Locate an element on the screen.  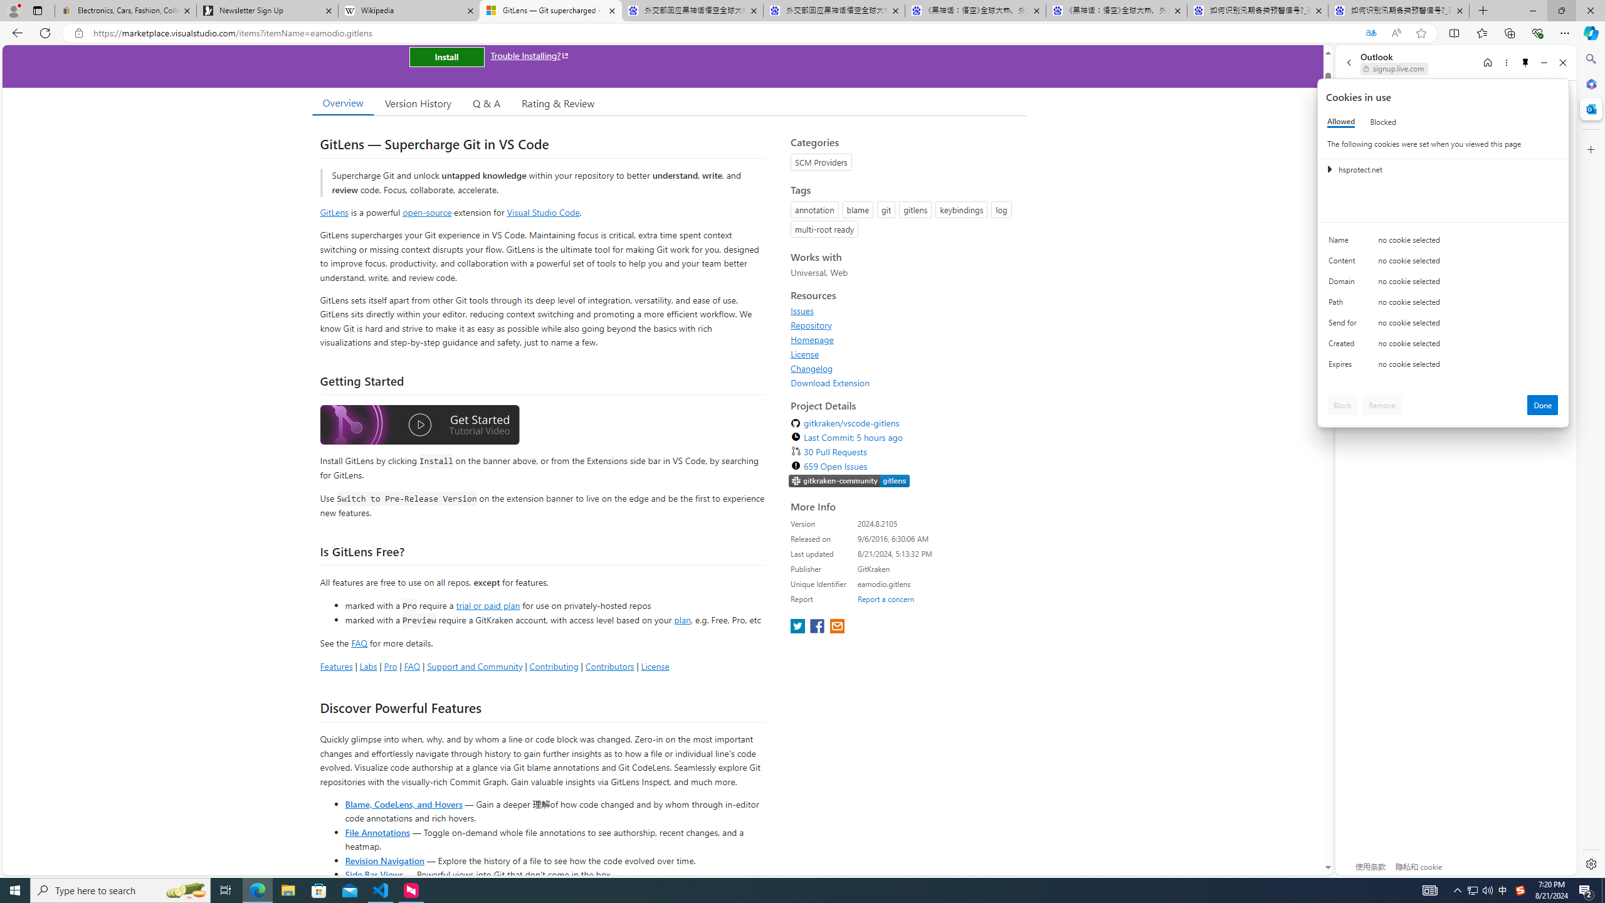
'Remove' is located at coordinates (1382, 405).